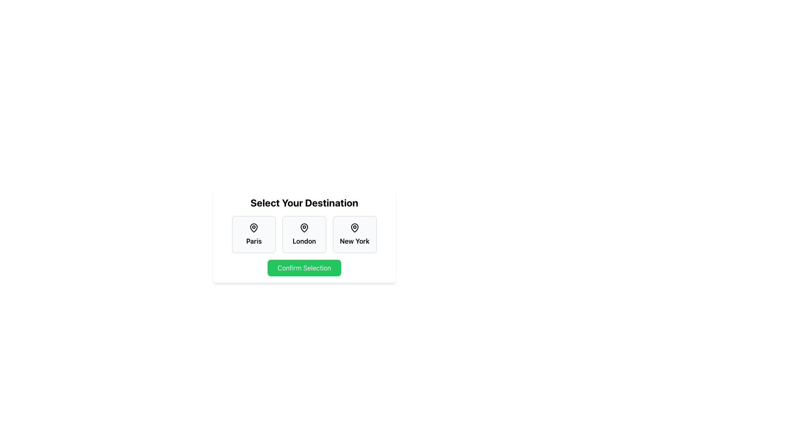 The image size is (794, 446). Describe the element at coordinates (354, 241) in the screenshot. I see `the text label displaying 'New York' in bold black font, which is positioned below a location pin icon and serves as a selectable option` at that location.